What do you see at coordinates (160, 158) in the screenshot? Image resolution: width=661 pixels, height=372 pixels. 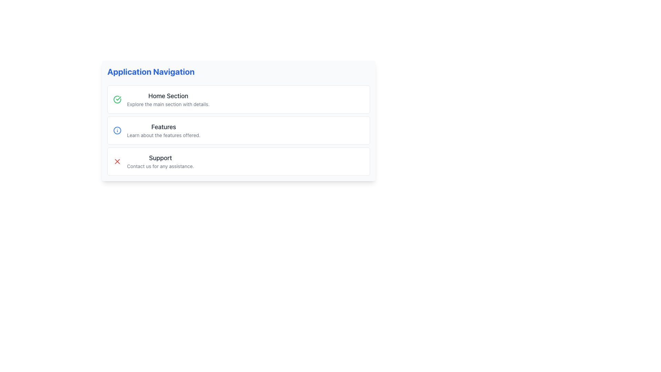 I see `the 'Support' hyperlink, which is styled in bold gray and highlights to blue when hovered, located below the 'Features' section and next to a red cross icon` at bounding box center [160, 158].